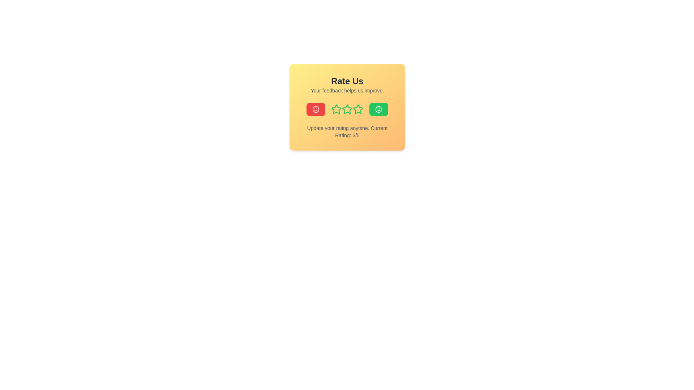 The width and height of the screenshot is (694, 390). I want to click on the third green star icon with a hollow center in the rating panel, which is surrounded by two other green stars, so click(347, 109).